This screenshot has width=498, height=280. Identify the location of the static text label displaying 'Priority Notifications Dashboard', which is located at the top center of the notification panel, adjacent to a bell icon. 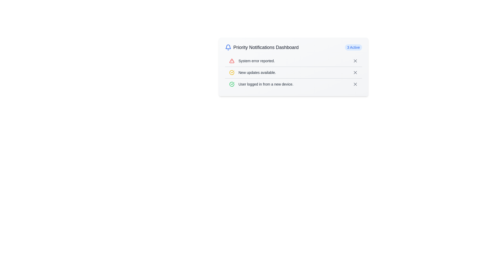
(266, 47).